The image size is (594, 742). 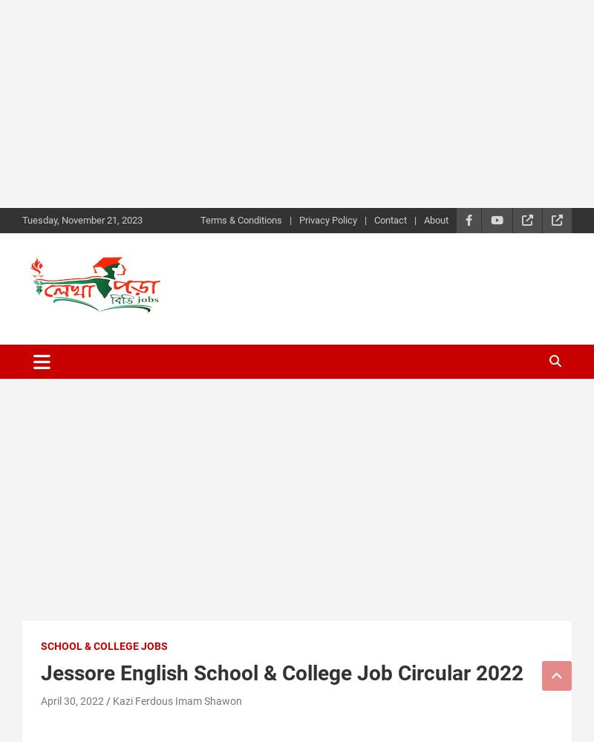 What do you see at coordinates (435, 219) in the screenshot?
I see `'About'` at bounding box center [435, 219].